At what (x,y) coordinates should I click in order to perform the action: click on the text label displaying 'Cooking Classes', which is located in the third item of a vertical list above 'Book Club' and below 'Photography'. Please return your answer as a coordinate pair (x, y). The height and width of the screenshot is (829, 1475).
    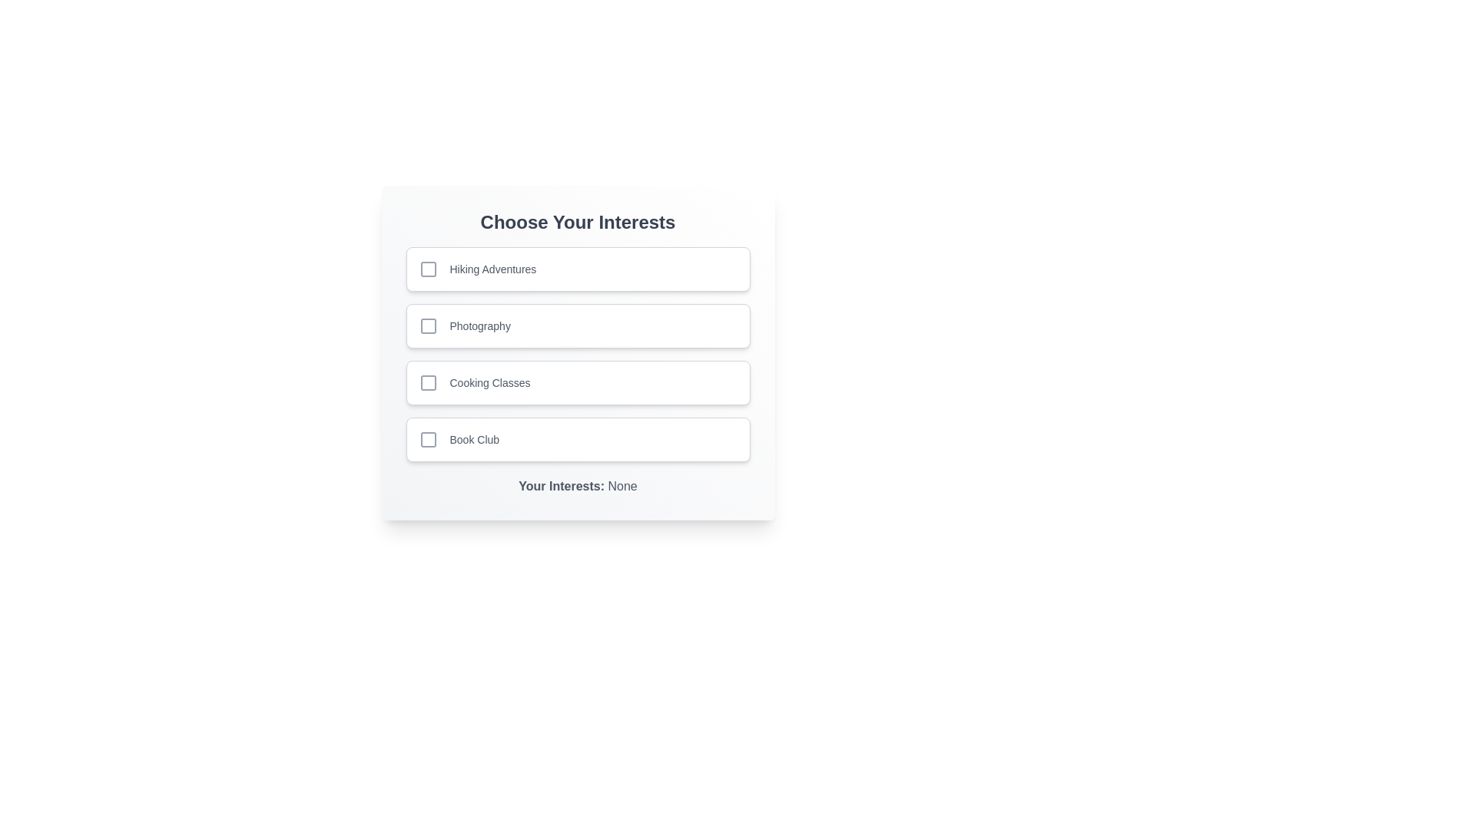
    Looking at the image, I should click on (489, 381).